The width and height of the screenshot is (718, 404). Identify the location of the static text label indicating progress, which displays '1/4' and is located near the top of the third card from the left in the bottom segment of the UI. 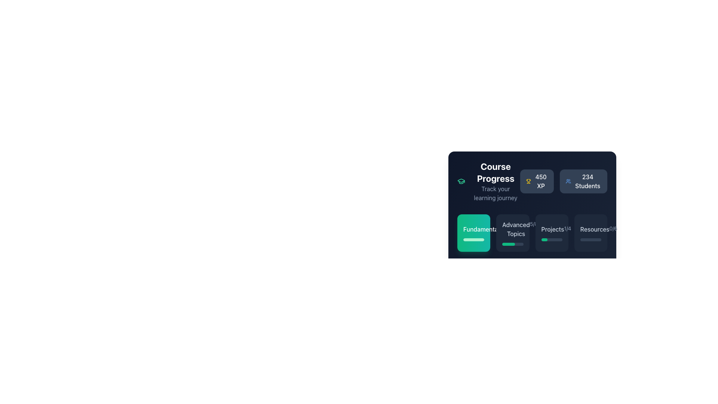
(552, 229).